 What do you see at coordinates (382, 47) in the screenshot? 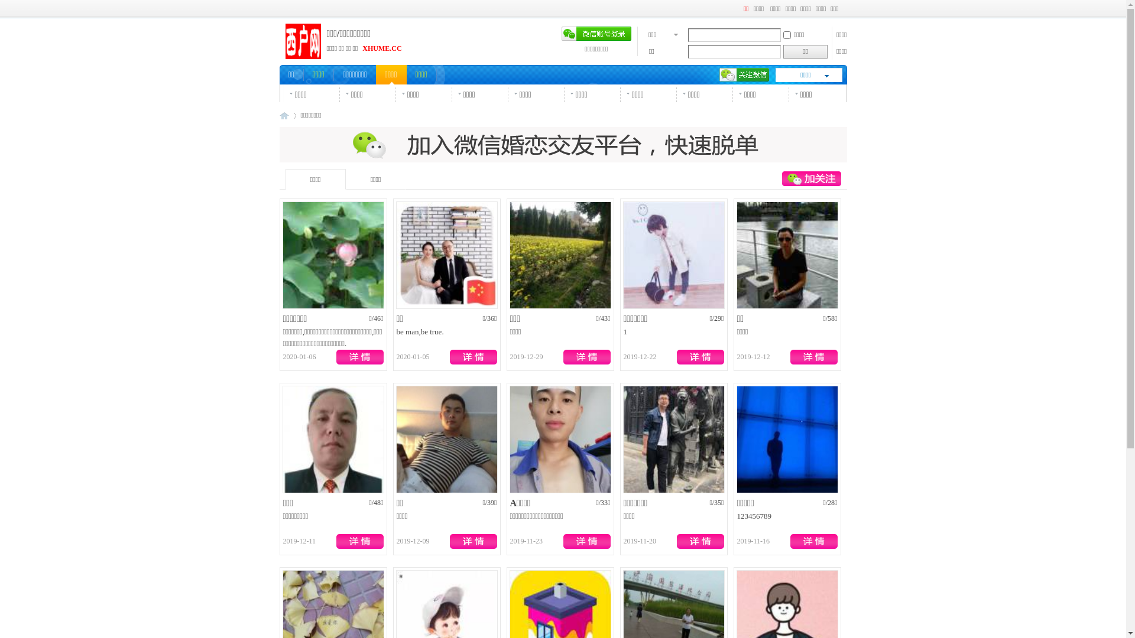
I see `'XHUME.CC'` at bounding box center [382, 47].